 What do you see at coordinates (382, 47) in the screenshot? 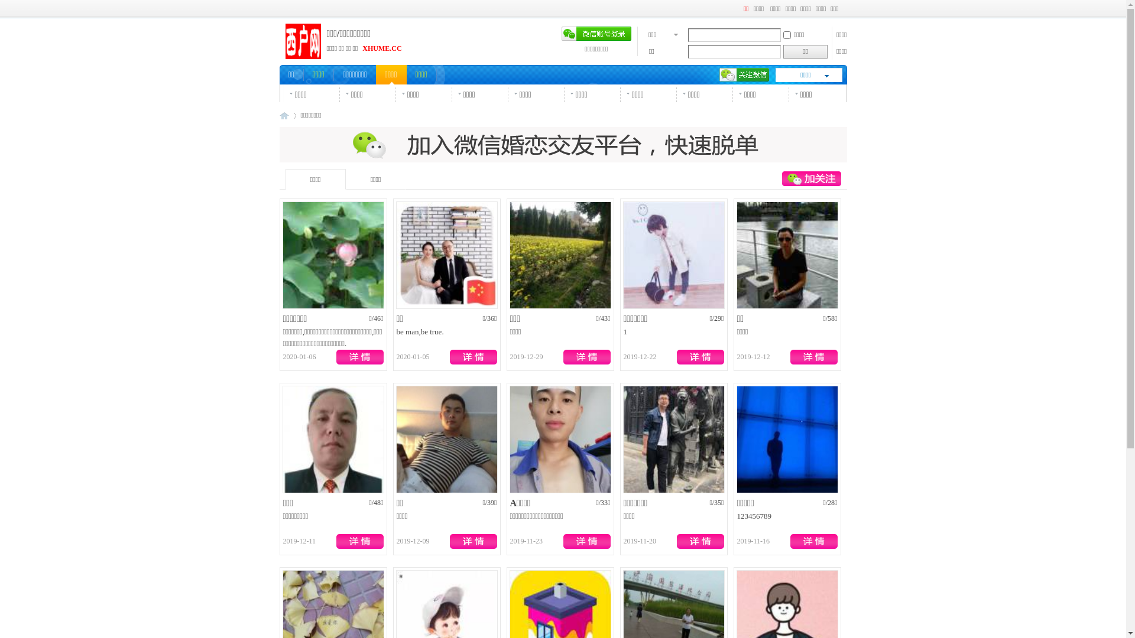
I see `'XHUME.CC'` at bounding box center [382, 47].